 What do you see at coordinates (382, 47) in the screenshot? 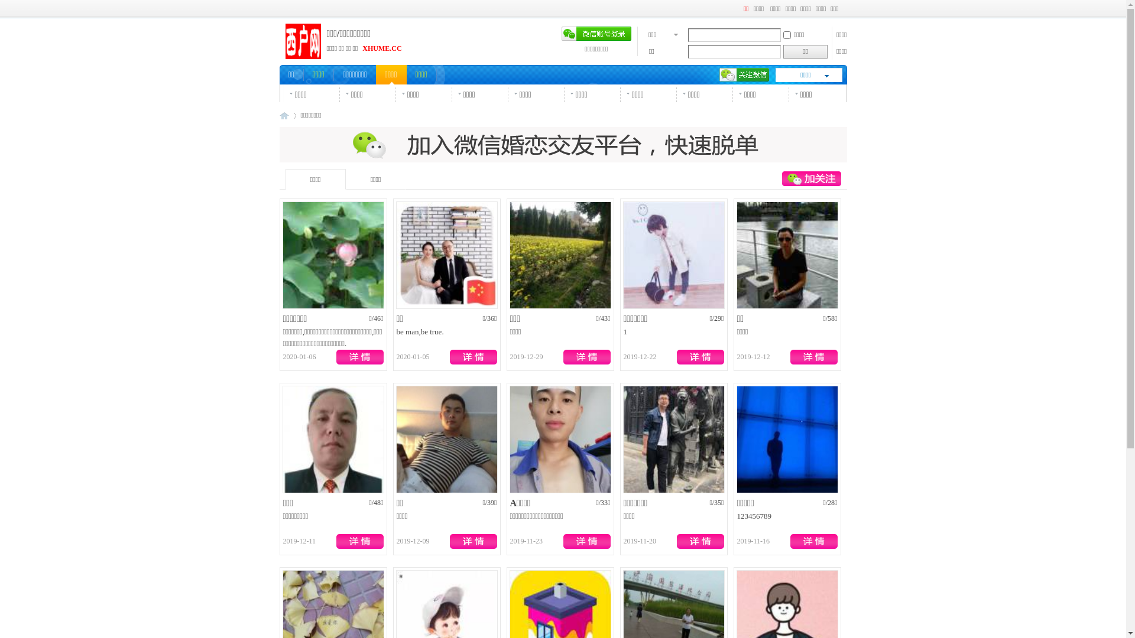
I see `'XHUME.CC'` at bounding box center [382, 47].